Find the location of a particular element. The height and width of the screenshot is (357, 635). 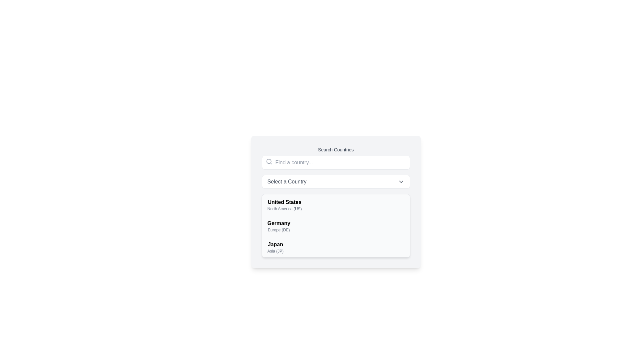

bold text label 'United States' which is the first entry in the list below the 'Search Countries' drop-down interface is located at coordinates (284, 202).